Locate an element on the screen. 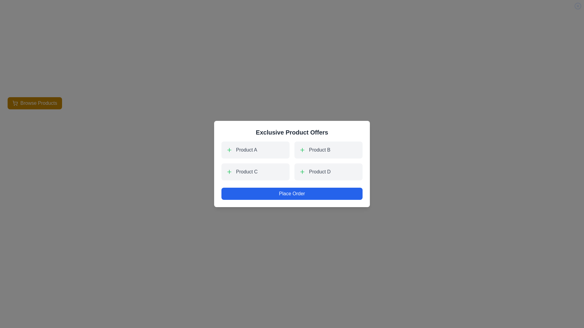 The height and width of the screenshot is (328, 584). the green plus icon button located to the left of the text 'Product A' in the 'Exclusive Product Offers' modal is located at coordinates (229, 150).